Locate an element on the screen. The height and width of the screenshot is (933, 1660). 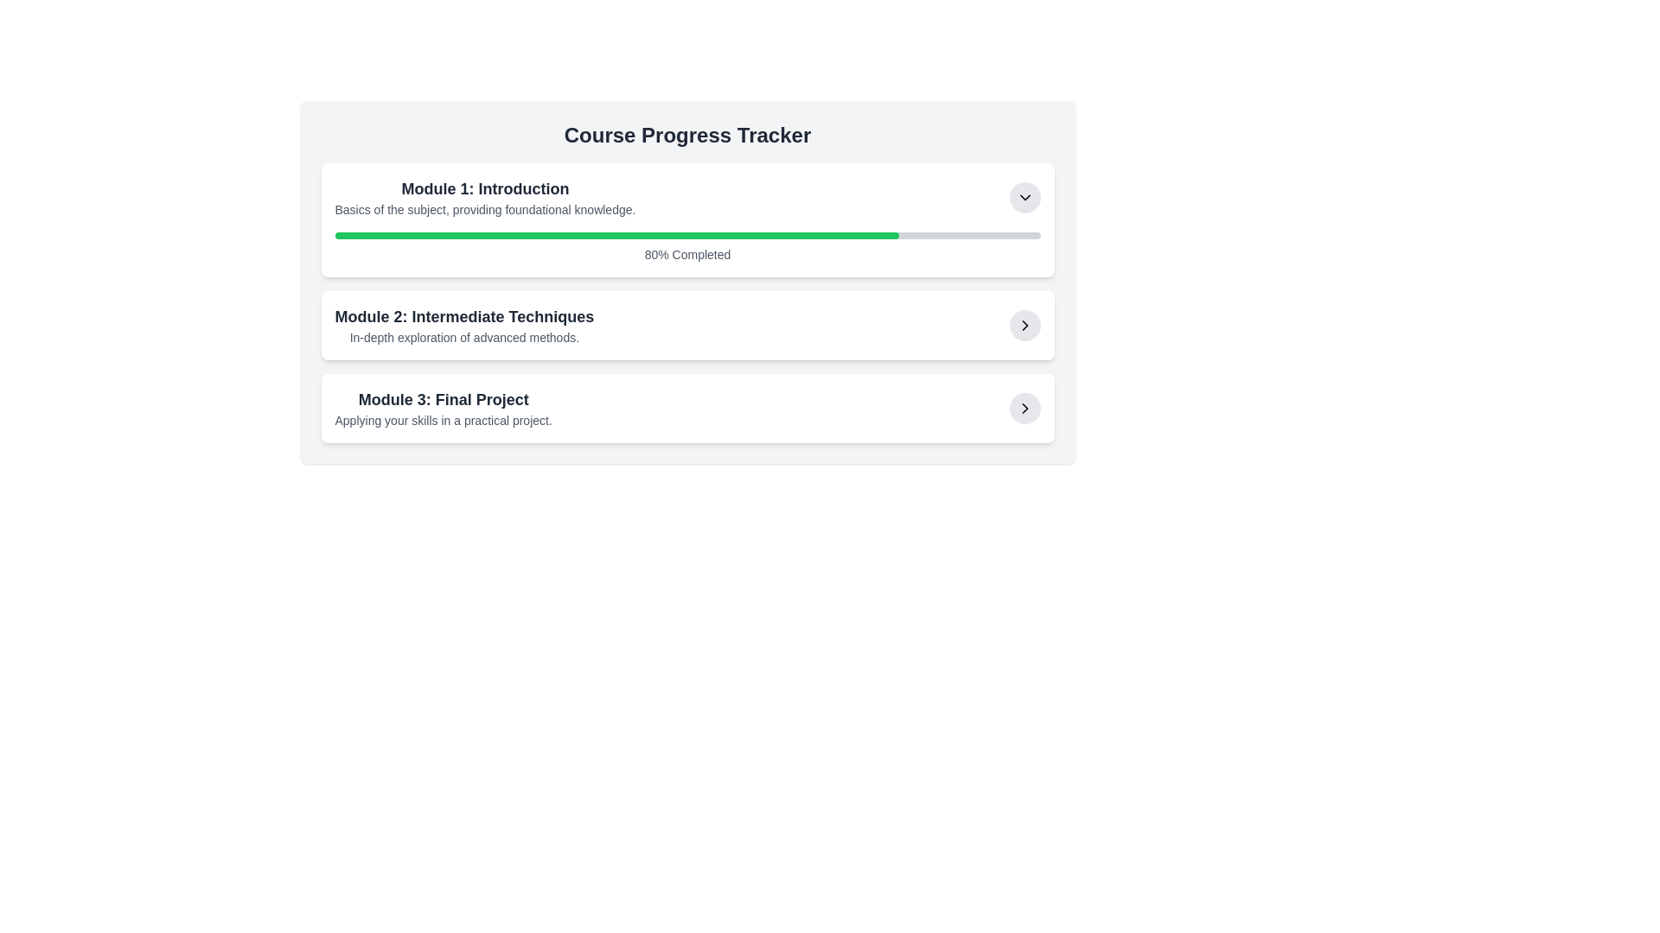
the circular button with a gray background and a black right-pointing arrow, located to the right of the 'Module 2: Intermediate Techniques' section and aligned with the descriptive text below is located at coordinates (1025, 326).